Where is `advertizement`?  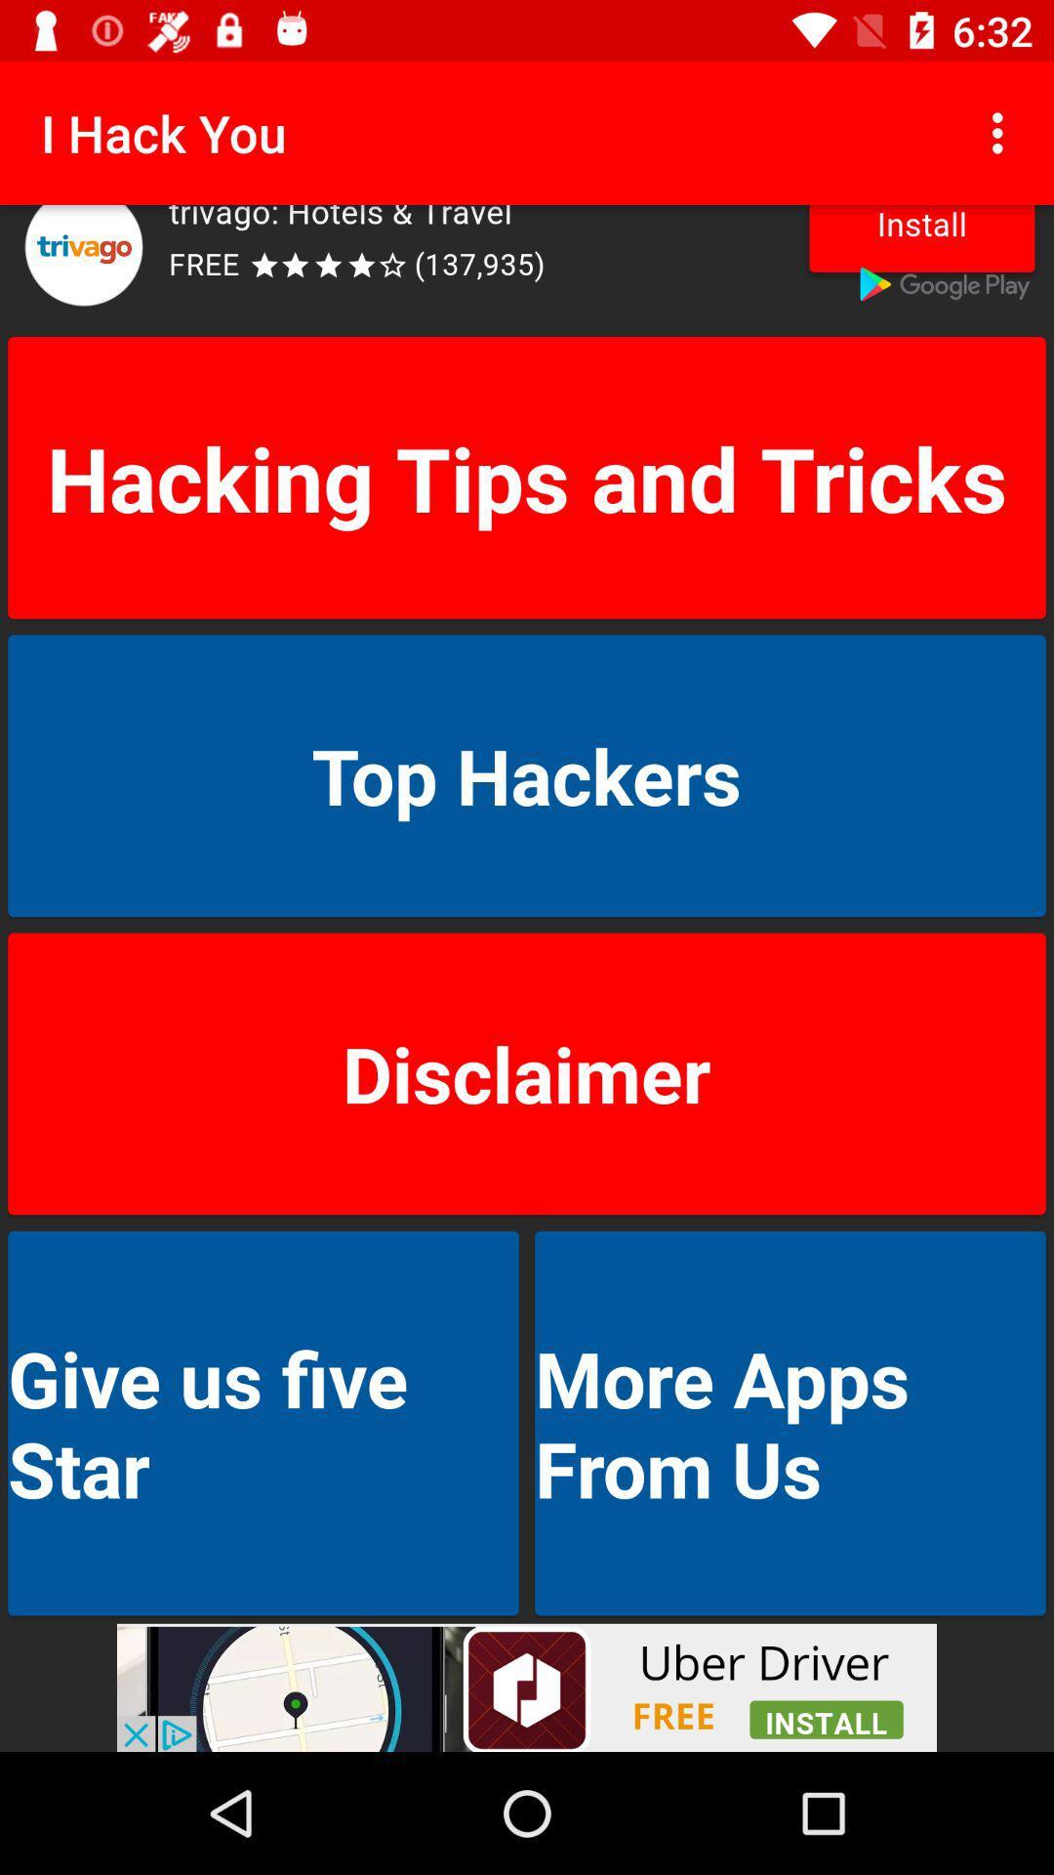
advertizement is located at coordinates (527, 1687).